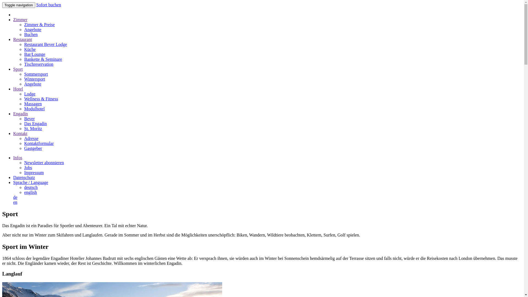 The height and width of the screenshot is (297, 528). What do you see at coordinates (34, 172) in the screenshot?
I see `'Impressum'` at bounding box center [34, 172].